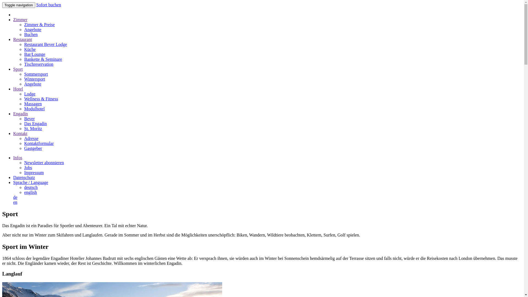 The height and width of the screenshot is (297, 528). What do you see at coordinates (34, 172) in the screenshot?
I see `'Impressum'` at bounding box center [34, 172].